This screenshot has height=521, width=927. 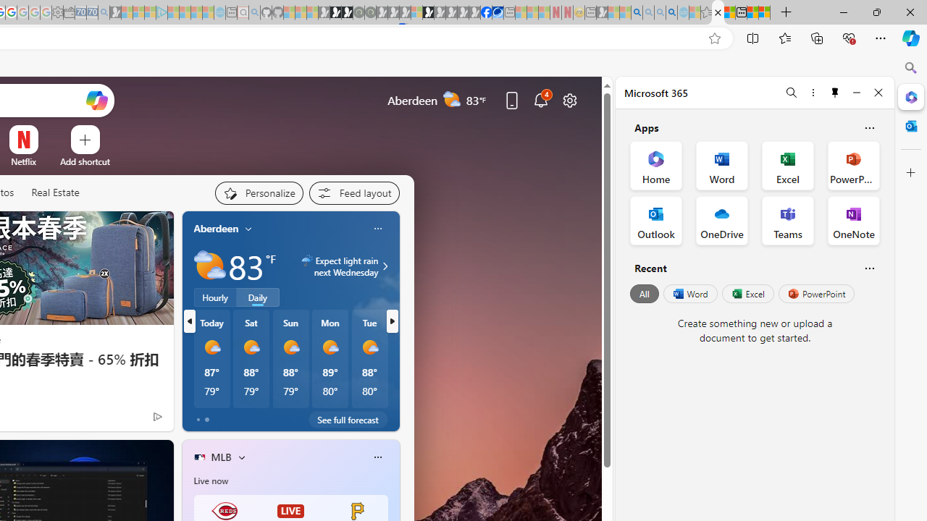 I want to click on 'Microsoft Start Gaming - Sleeping', so click(x=116, y=12).